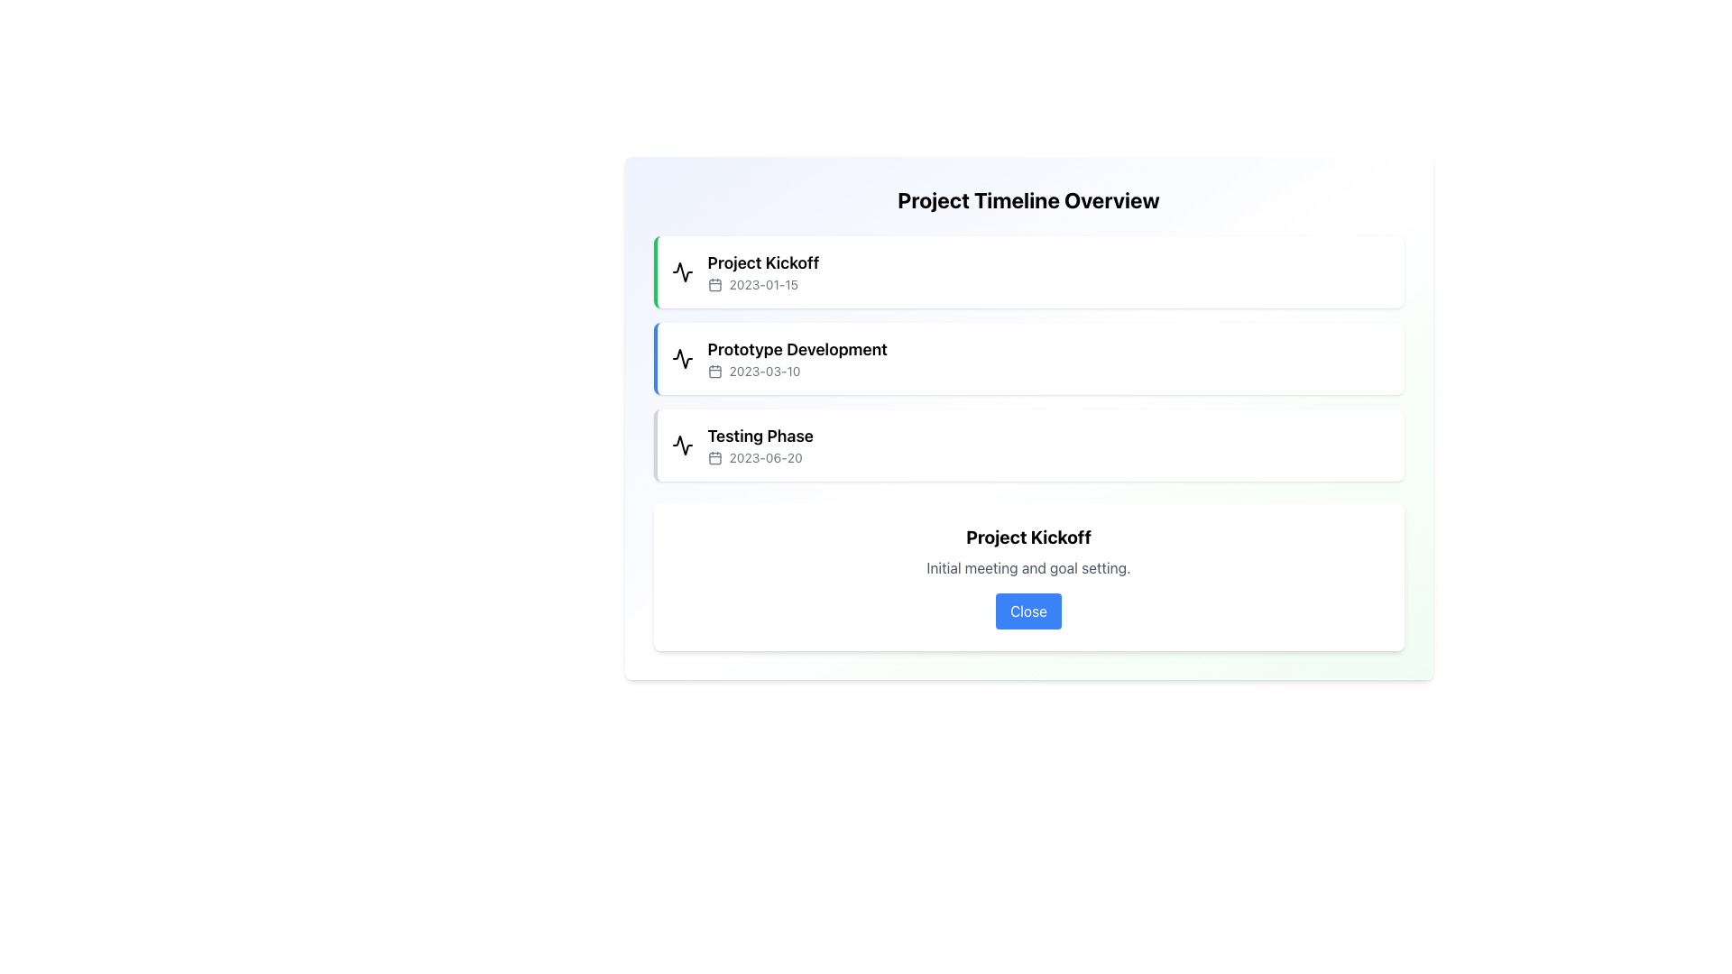 The image size is (1732, 974). I want to click on the milestone marker for the card labeled 'Testing Phase' located in the central panel, beneath the cards 'Project Kickoff' and 'Prototype Development', so click(1028, 445).